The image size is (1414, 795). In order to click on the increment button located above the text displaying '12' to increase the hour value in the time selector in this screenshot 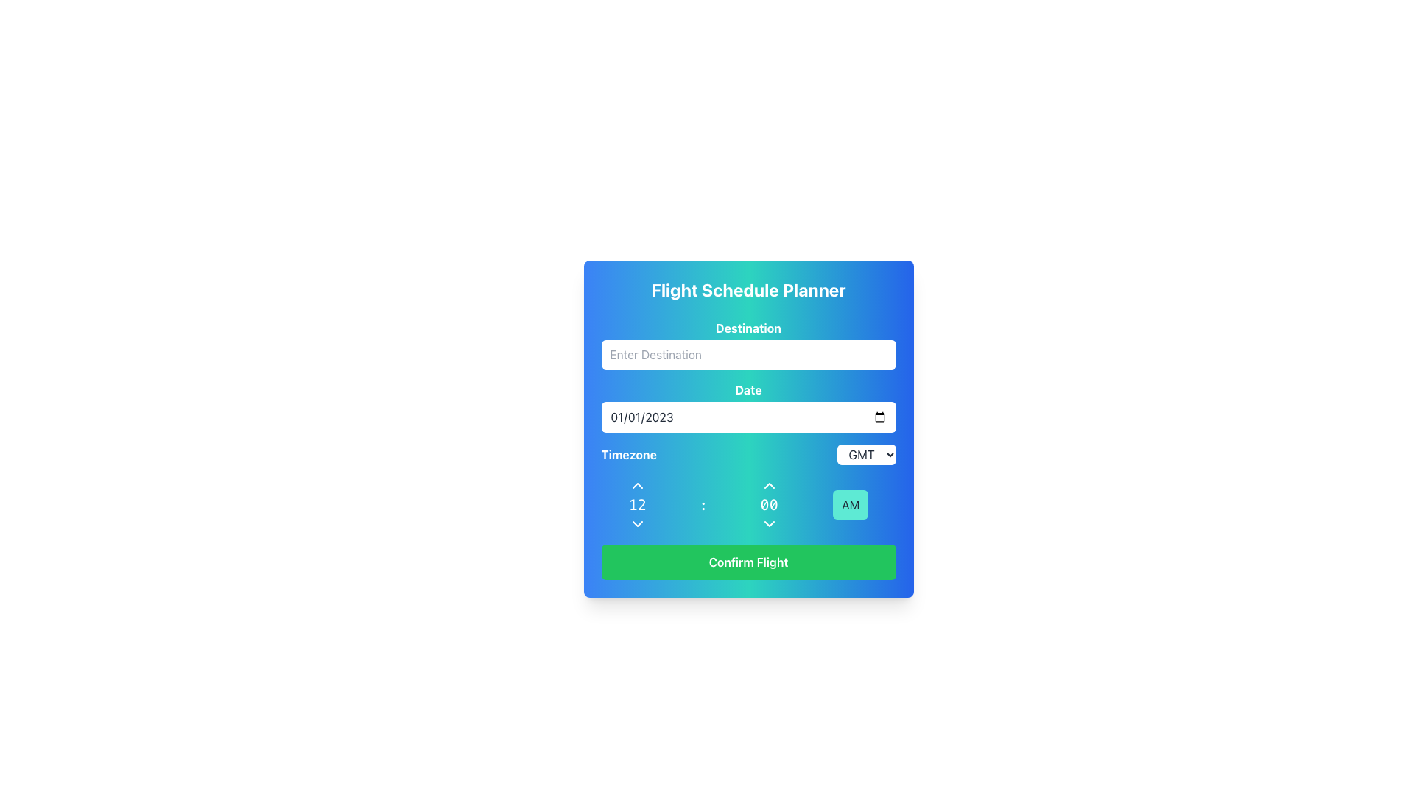, I will do `click(637, 485)`.